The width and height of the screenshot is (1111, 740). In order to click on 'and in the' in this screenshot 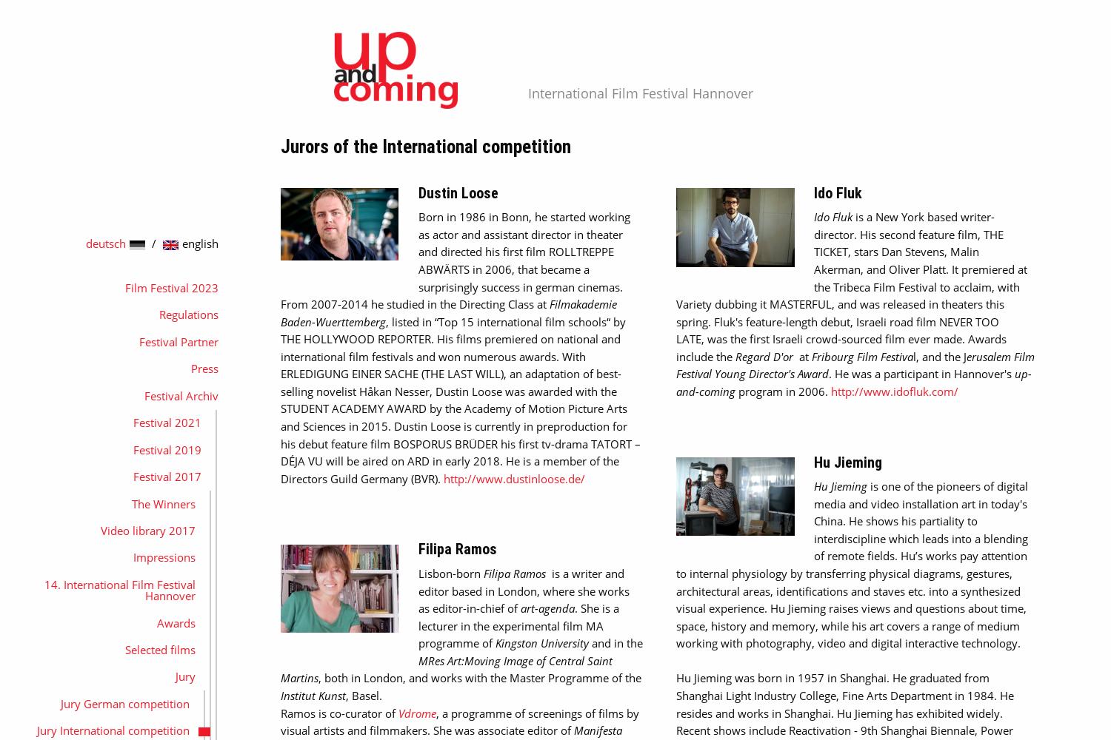, I will do `click(614, 642)`.